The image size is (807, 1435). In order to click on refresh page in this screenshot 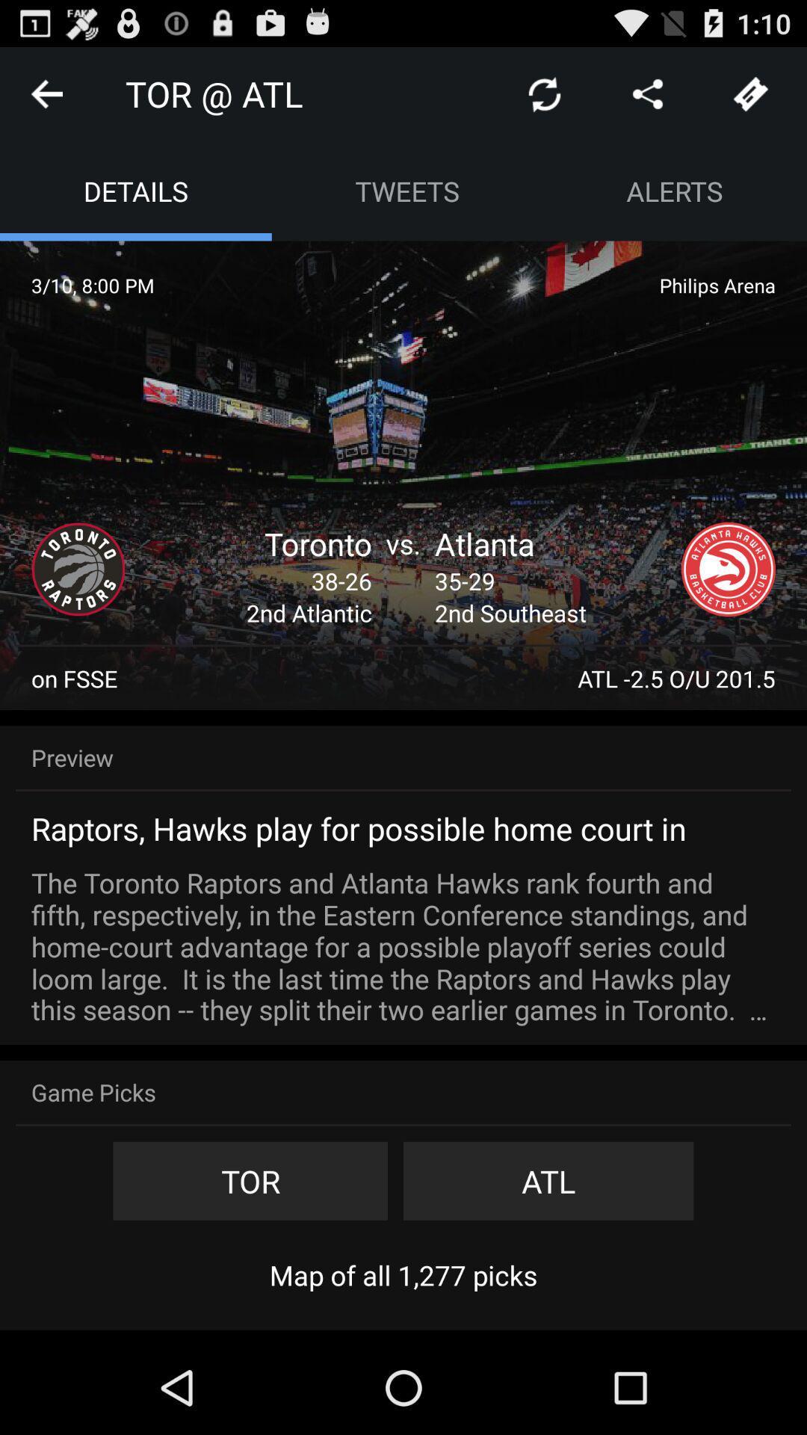, I will do `click(545, 93)`.